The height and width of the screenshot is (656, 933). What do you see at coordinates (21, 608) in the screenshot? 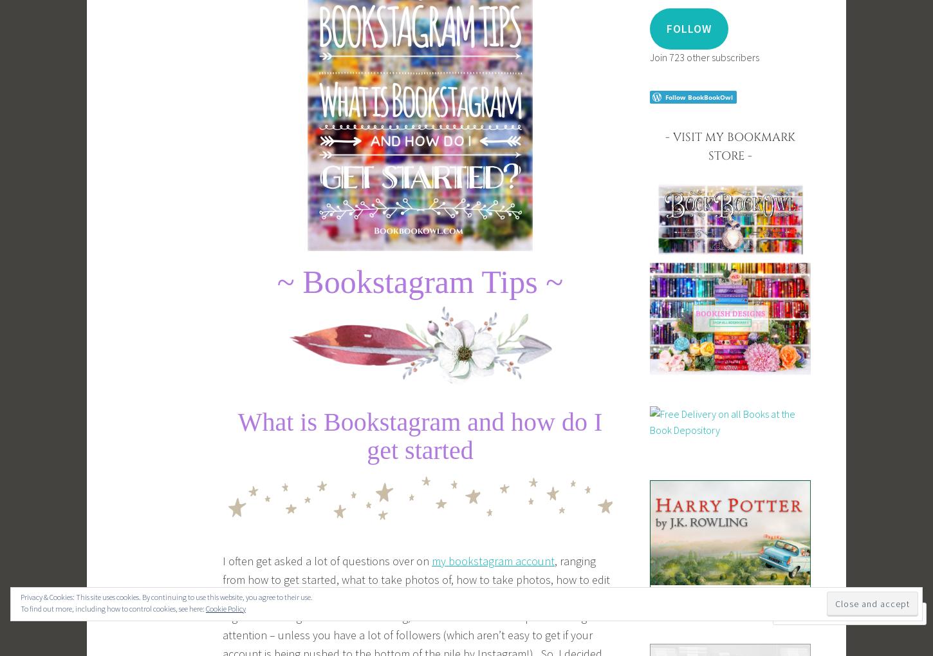
I see `'To find out more, including how to control cookies, see here:'` at bounding box center [21, 608].